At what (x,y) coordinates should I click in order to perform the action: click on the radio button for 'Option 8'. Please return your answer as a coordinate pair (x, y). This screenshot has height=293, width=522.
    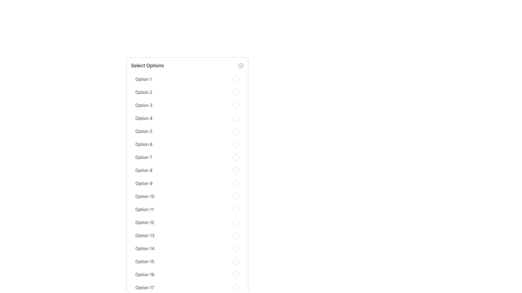
    Looking at the image, I should click on (236, 170).